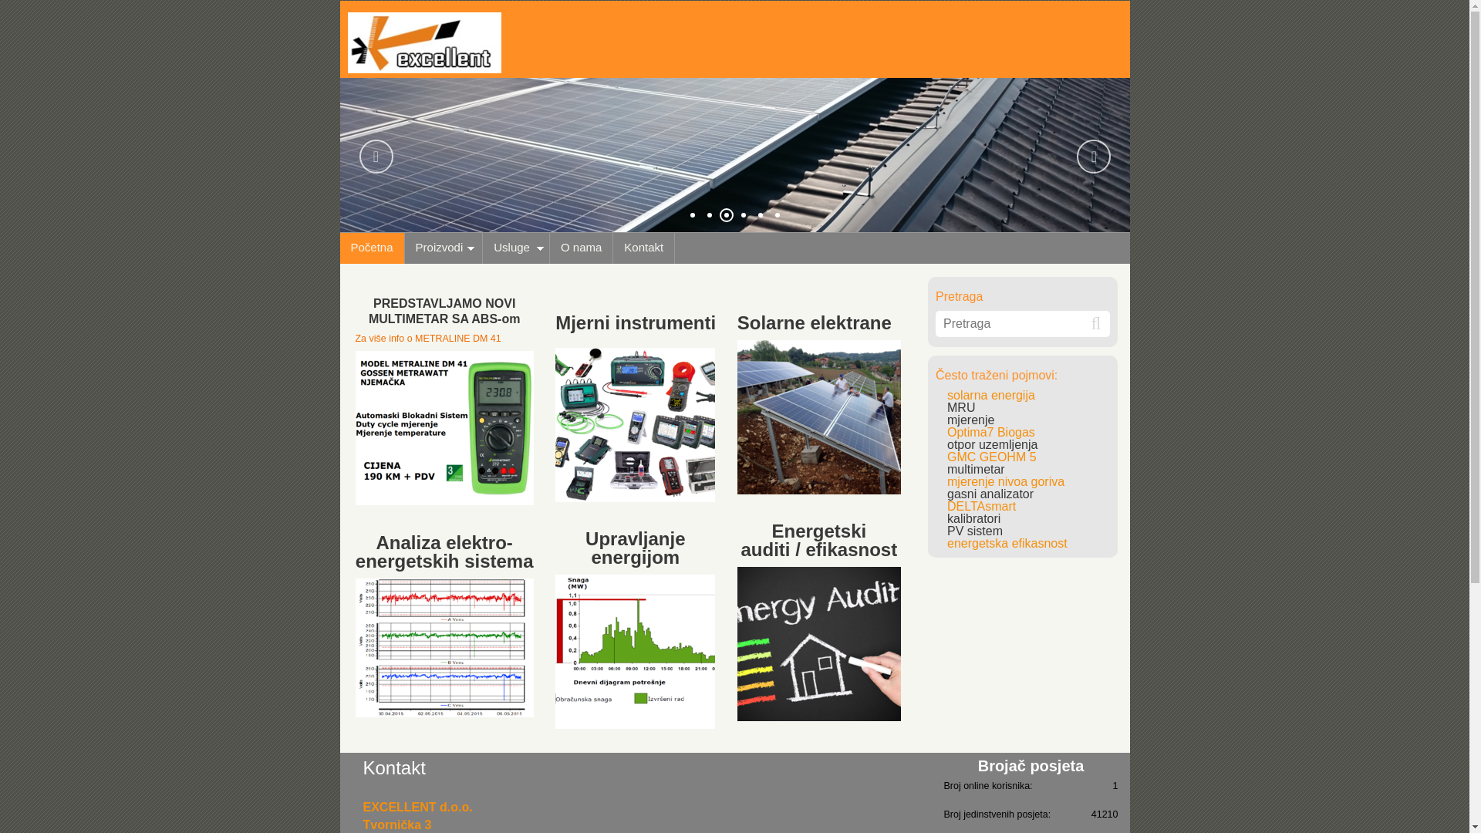 Image resolution: width=1481 pixels, height=833 pixels. Describe the element at coordinates (960, 406) in the screenshot. I see `'MRU'` at that location.